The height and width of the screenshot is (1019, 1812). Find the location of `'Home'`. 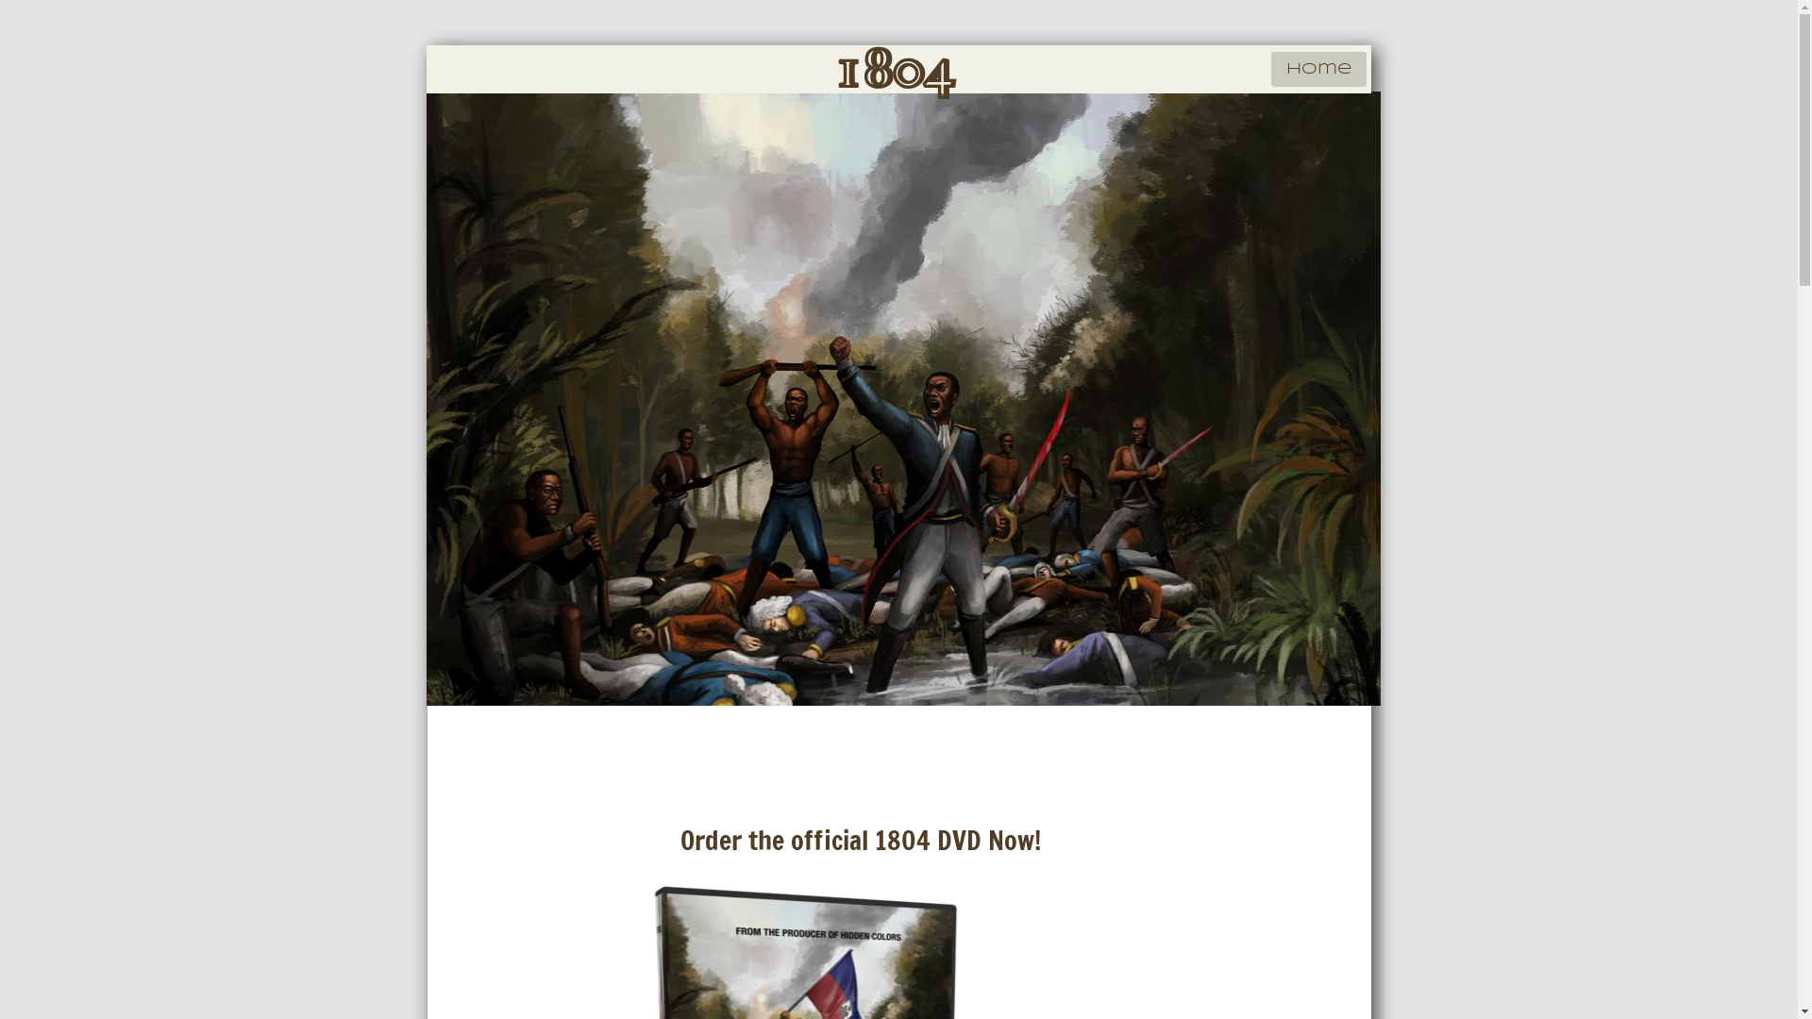

'Home' is located at coordinates (1317, 68).